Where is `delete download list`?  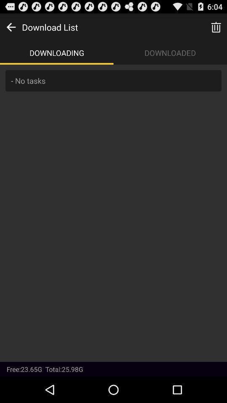 delete download list is located at coordinates (216, 27).